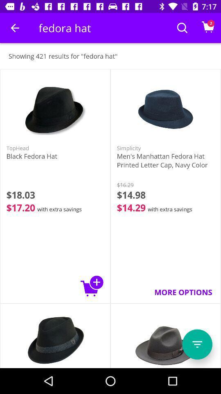 This screenshot has height=394, width=221. Describe the element at coordinates (197, 344) in the screenshot. I see `the filter_list icon` at that location.